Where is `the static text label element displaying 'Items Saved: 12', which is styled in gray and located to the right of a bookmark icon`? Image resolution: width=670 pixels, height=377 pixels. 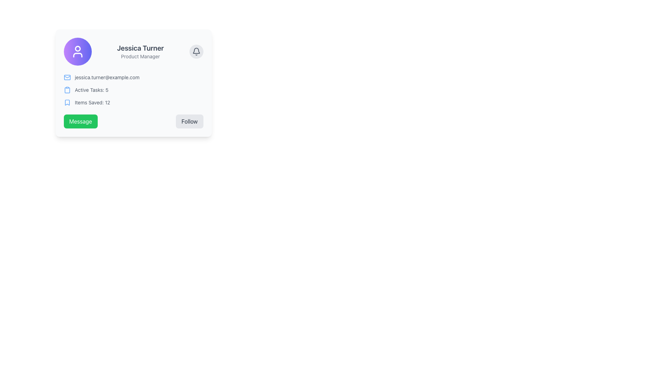
the static text label element displaying 'Items Saved: 12', which is styled in gray and located to the right of a bookmark icon is located at coordinates (92, 102).